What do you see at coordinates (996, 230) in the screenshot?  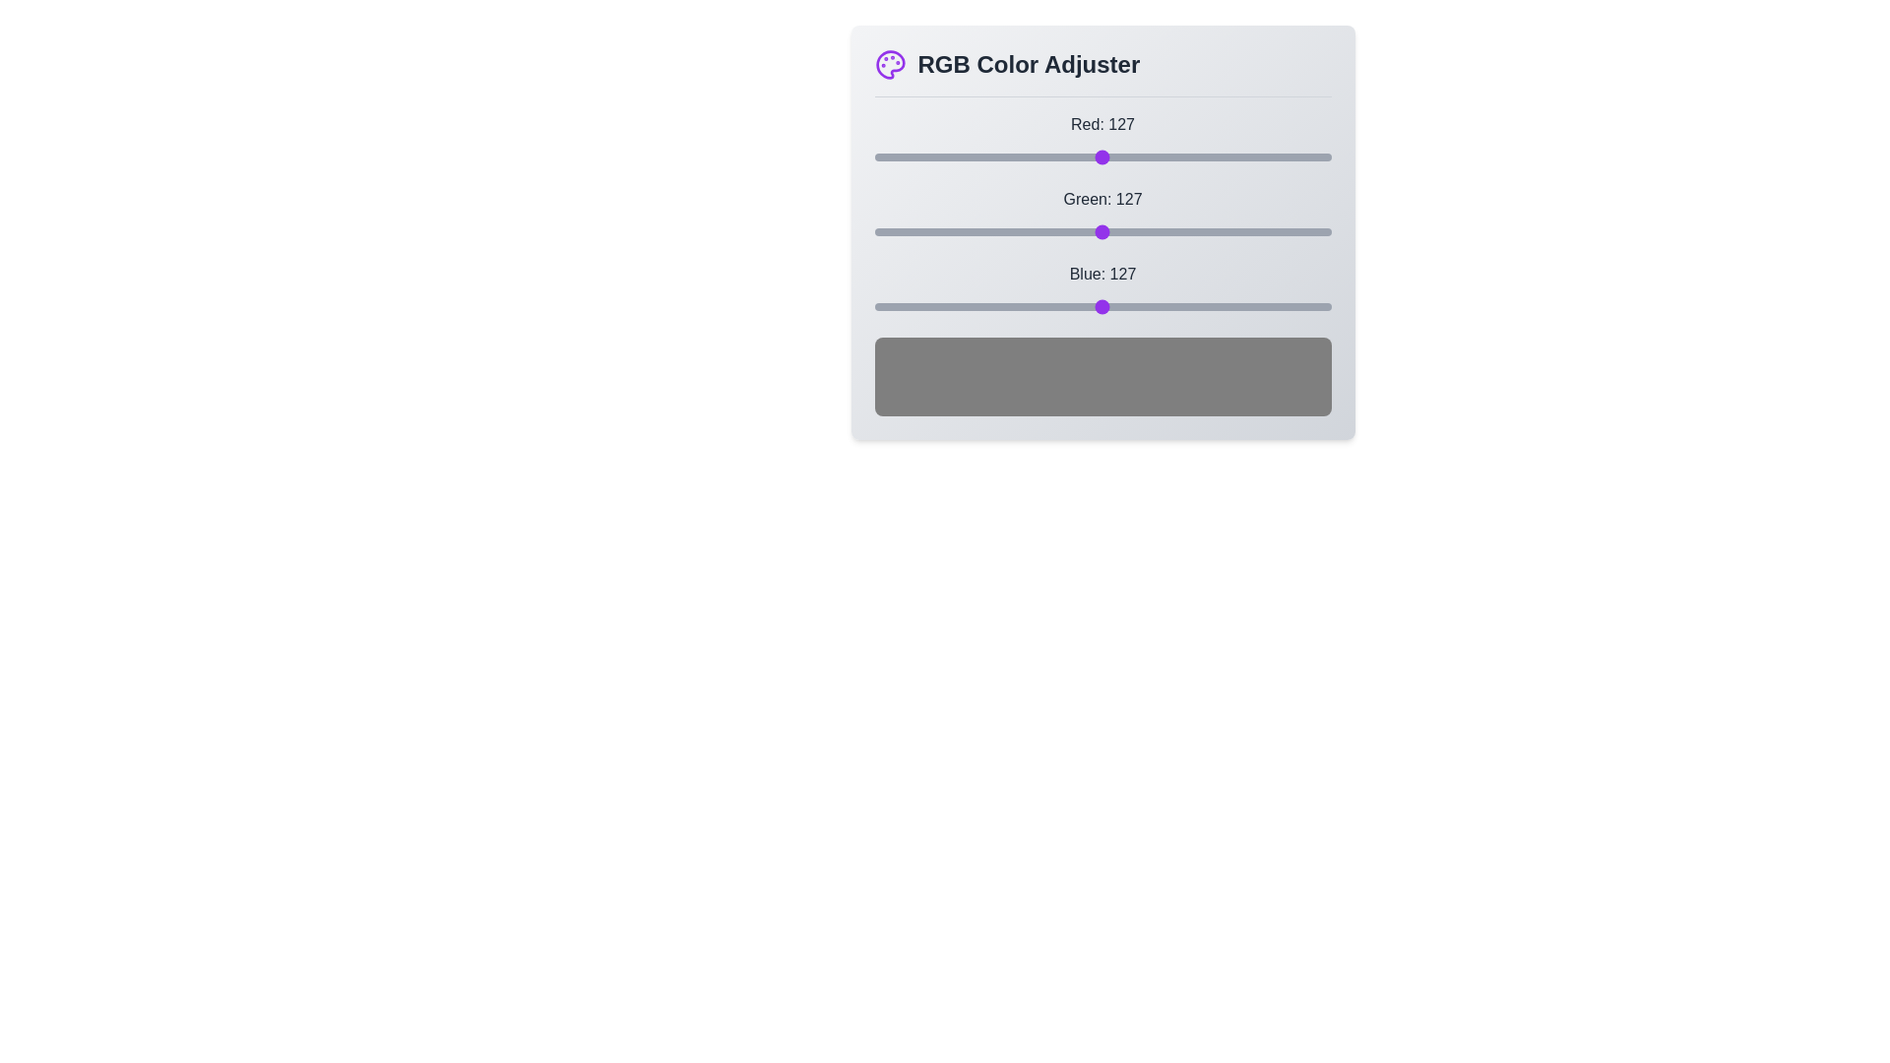 I see `the green slider to set the green value to 68` at bounding box center [996, 230].